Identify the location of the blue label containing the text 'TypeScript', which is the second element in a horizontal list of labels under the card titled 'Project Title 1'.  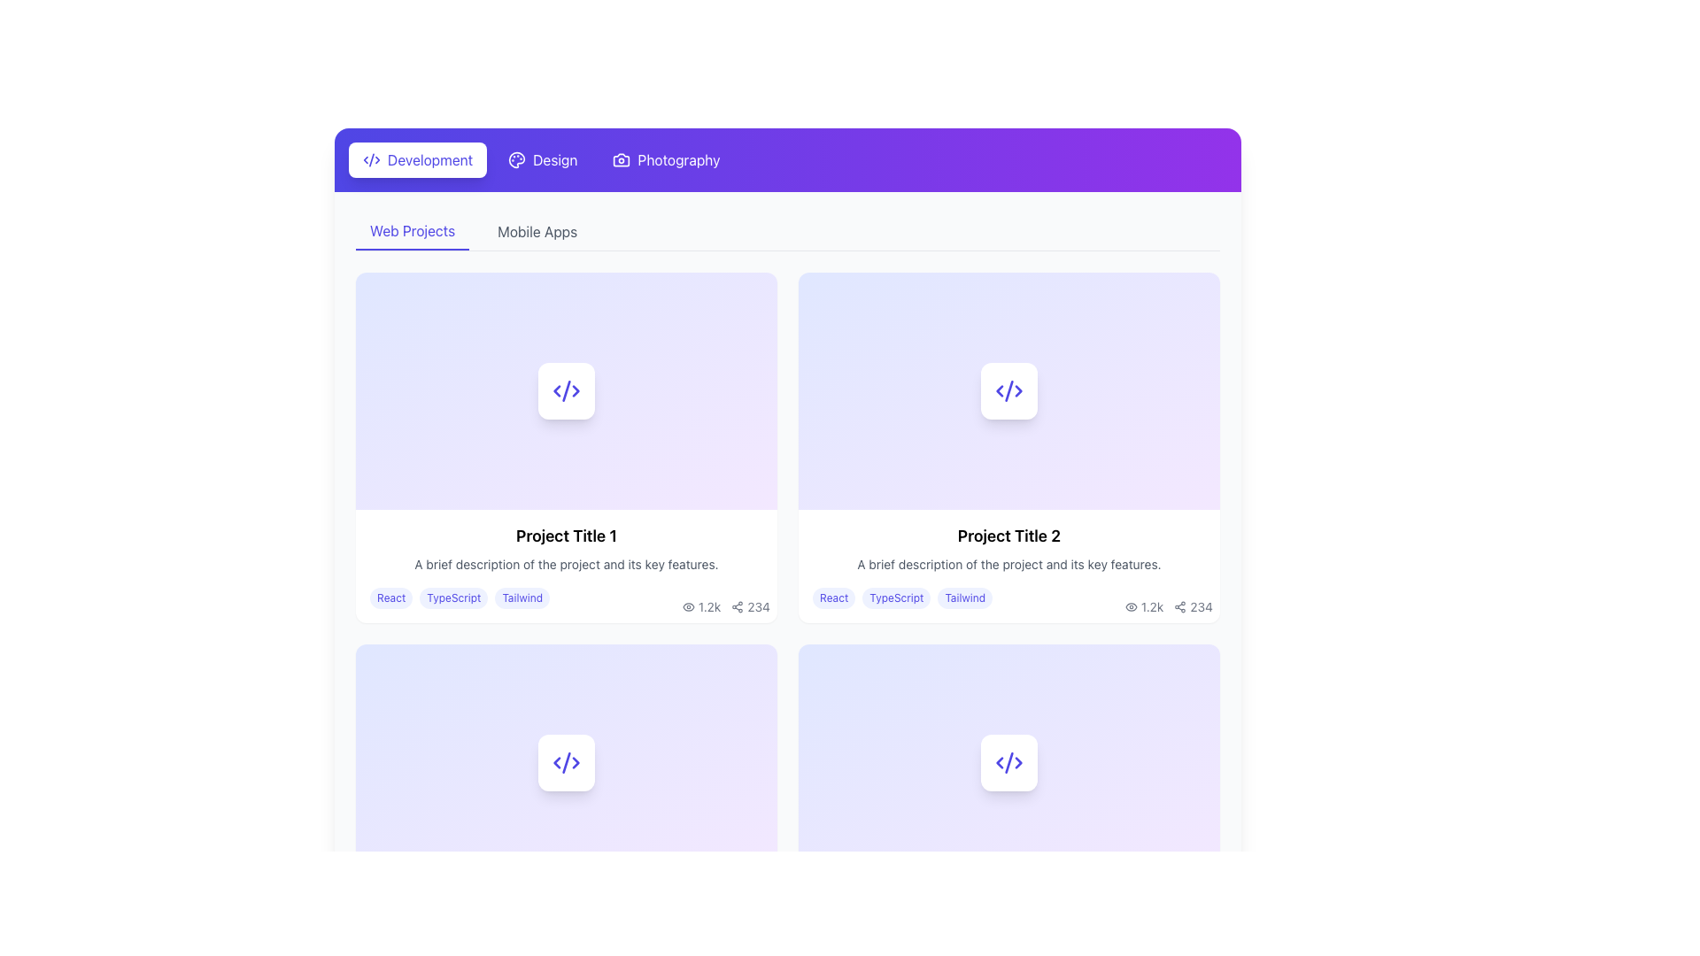
(453, 597).